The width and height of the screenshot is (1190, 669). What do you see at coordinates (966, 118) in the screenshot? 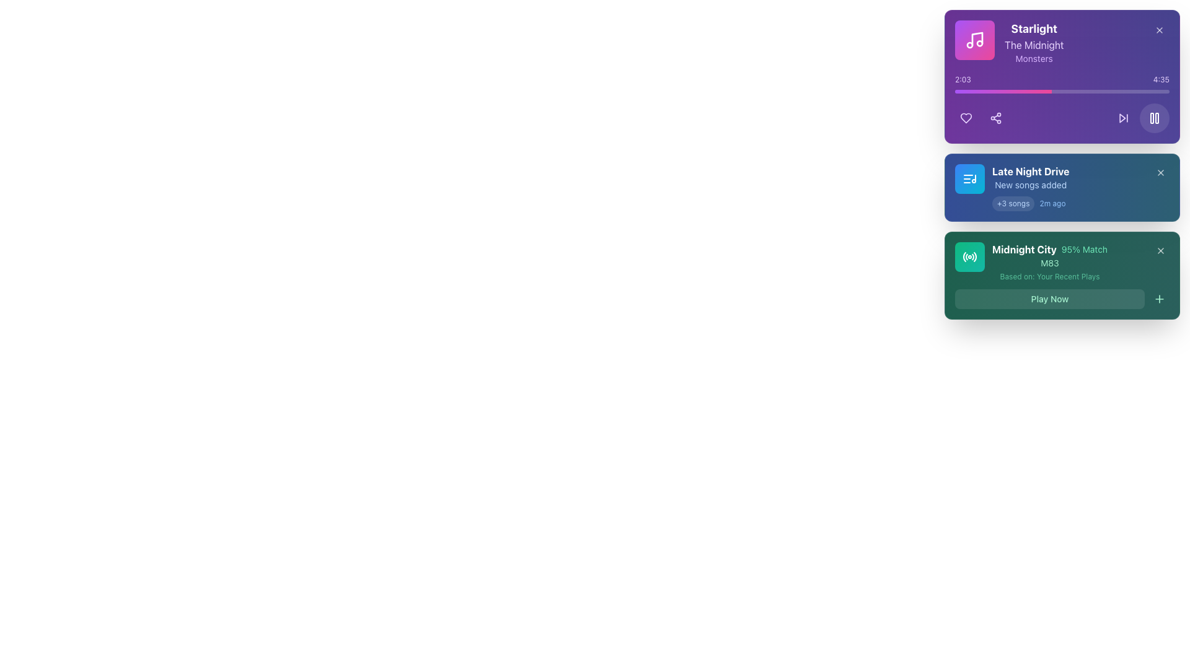
I see `the heart icon located in the bottom-left corner of the 'Starlight' card to mark the associated song as a favorite` at bounding box center [966, 118].